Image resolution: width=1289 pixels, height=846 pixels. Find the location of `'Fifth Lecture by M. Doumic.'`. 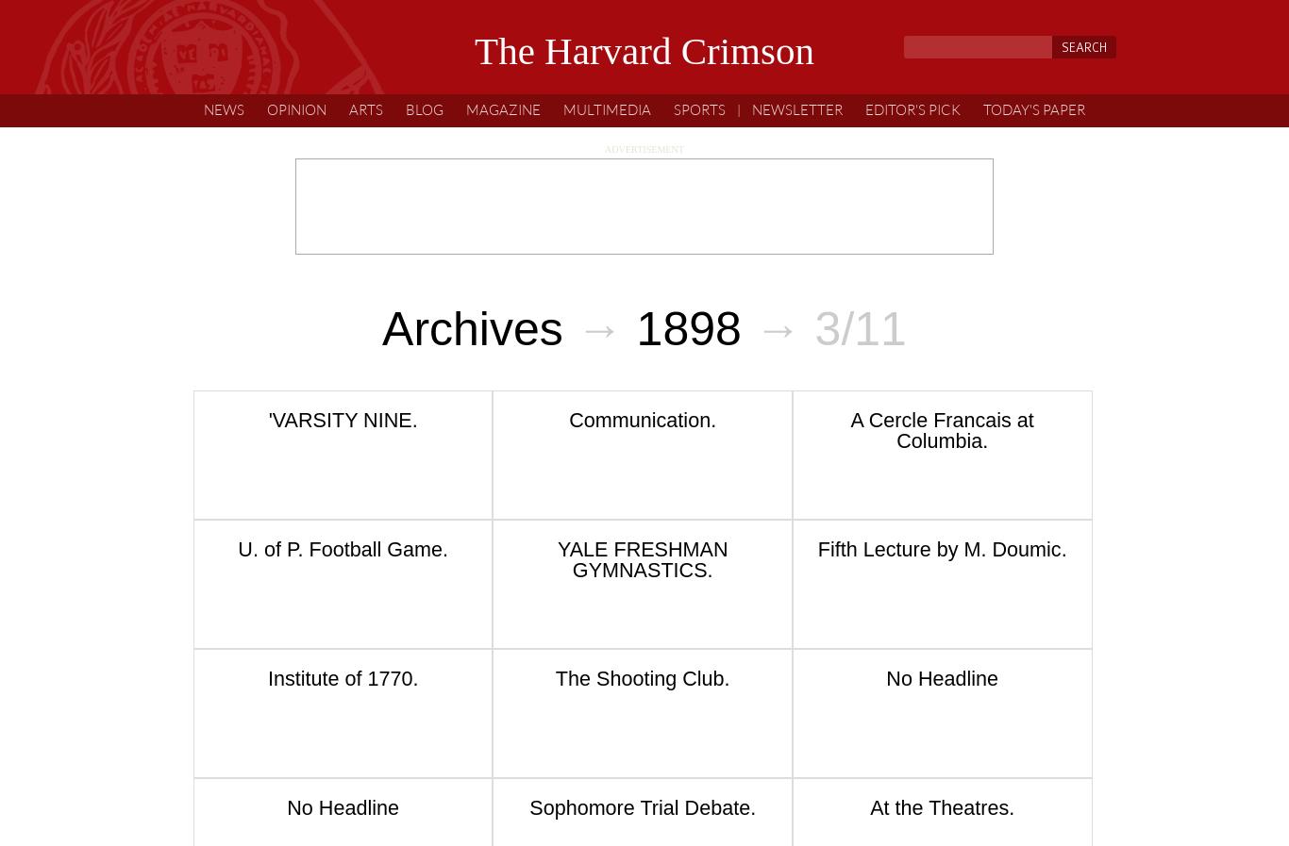

'Fifth Lecture by M. Doumic.' is located at coordinates (941, 549).